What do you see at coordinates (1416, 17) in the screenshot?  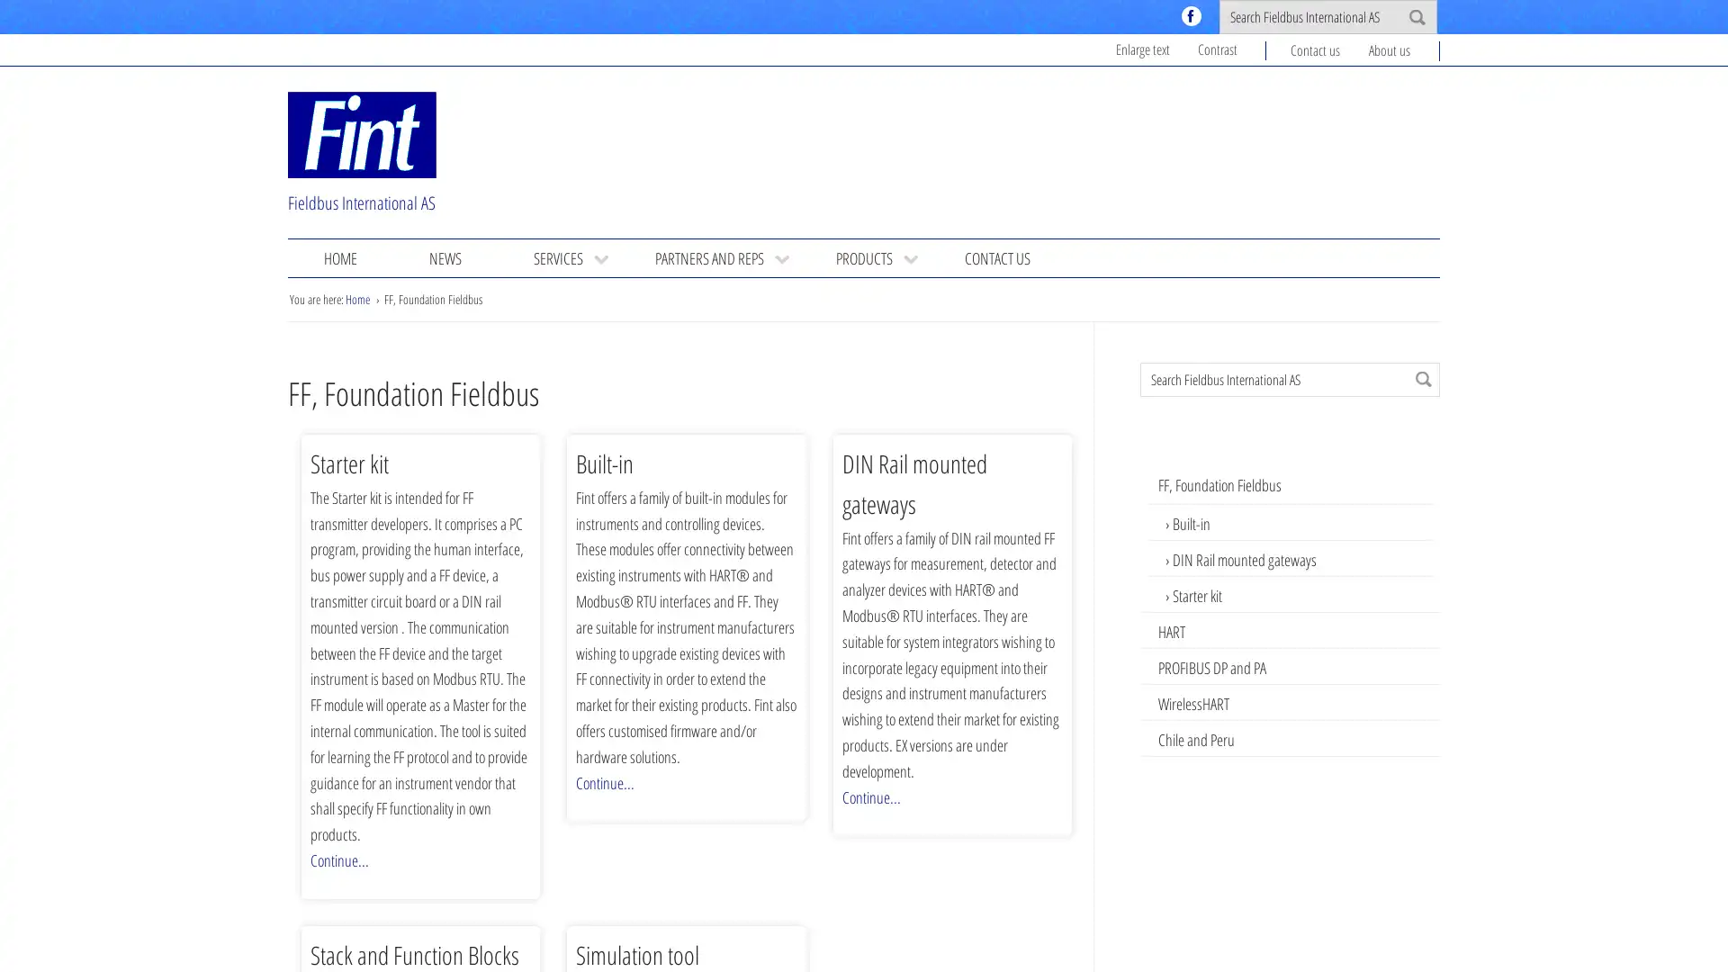 I see `Search` at bounding box center [1416, 17].